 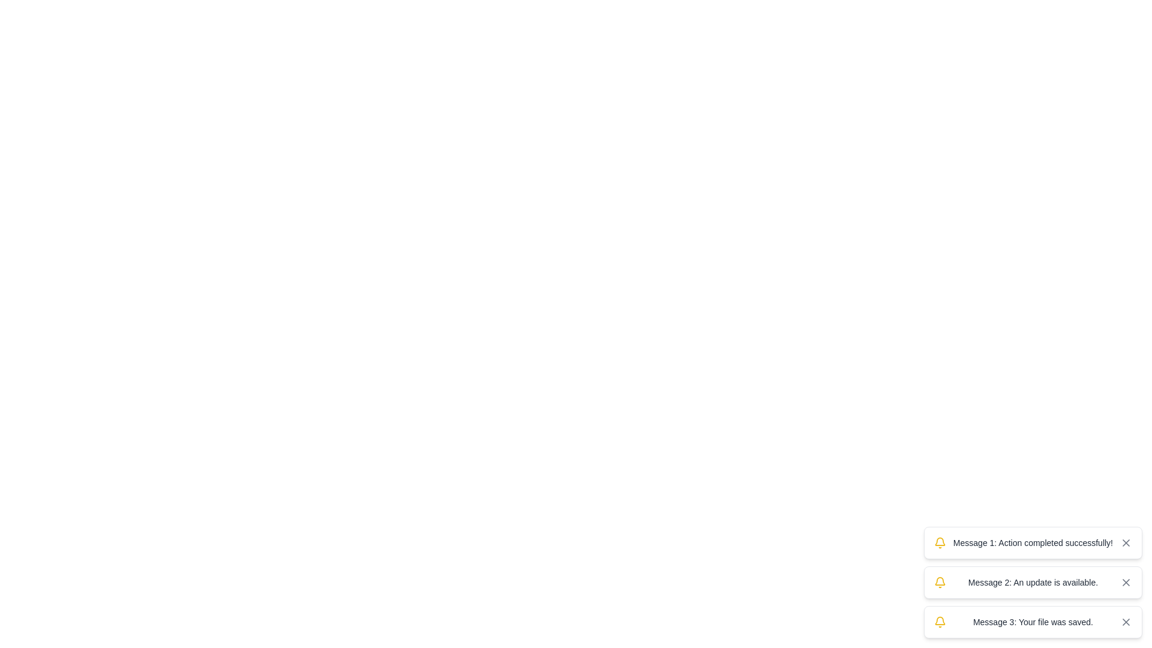 I want to click on the notification bell icon located at the leftmost side of the message box displaying 'Message 1: Action completed successfully!', so click(x=939, y=543).